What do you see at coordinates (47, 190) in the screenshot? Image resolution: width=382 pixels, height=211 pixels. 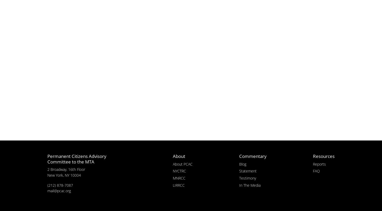 I see `'mail@pcac.org'` at bounding box center [47, 190].